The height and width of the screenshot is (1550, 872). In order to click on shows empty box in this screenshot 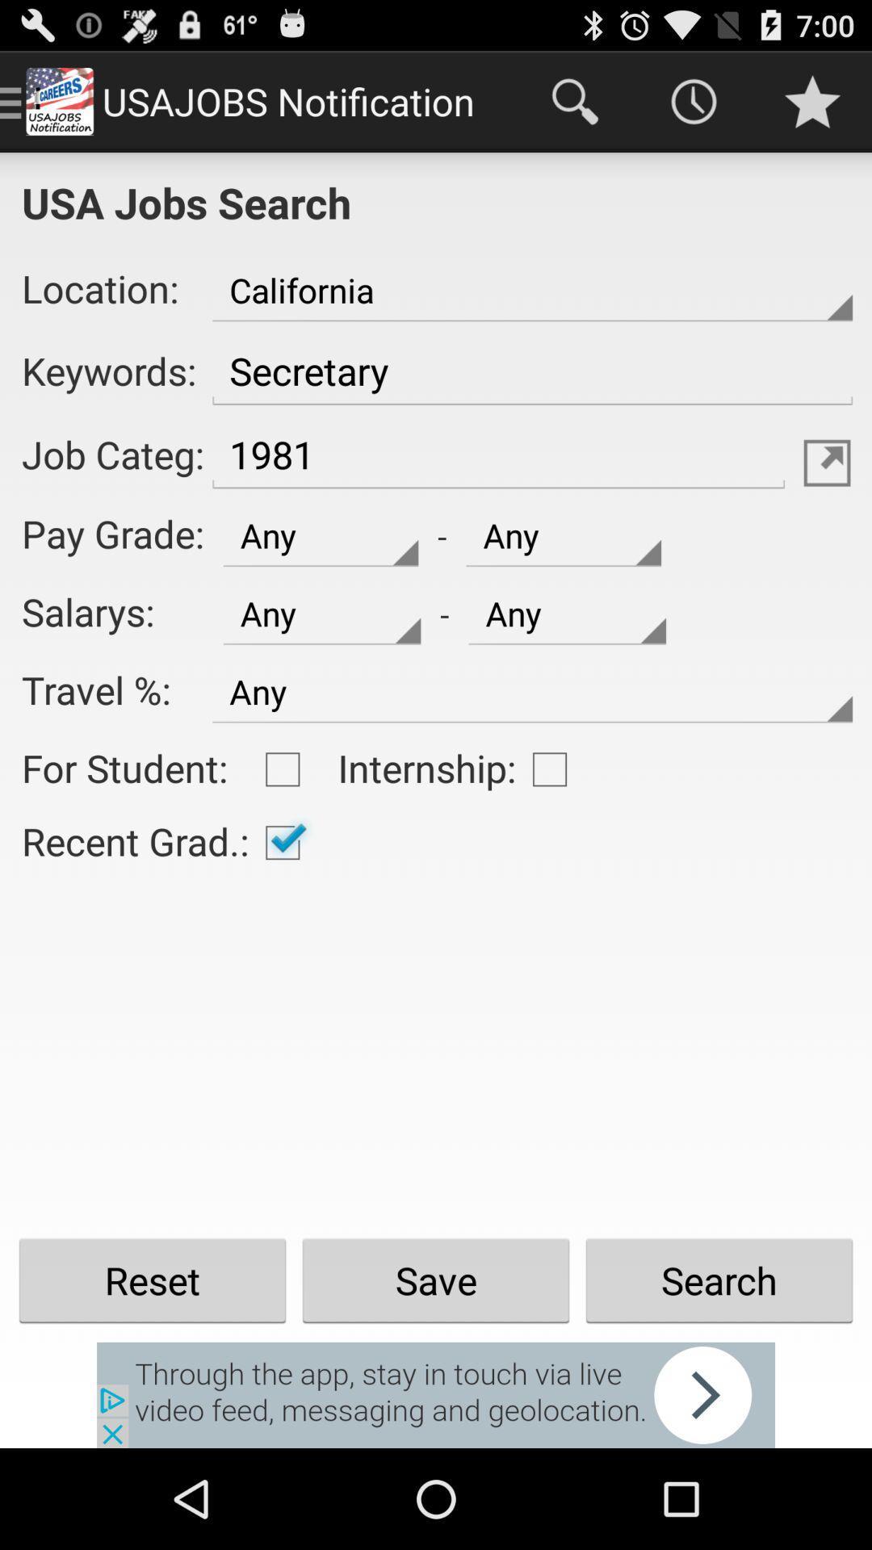, I will do `click(549, 769)`.